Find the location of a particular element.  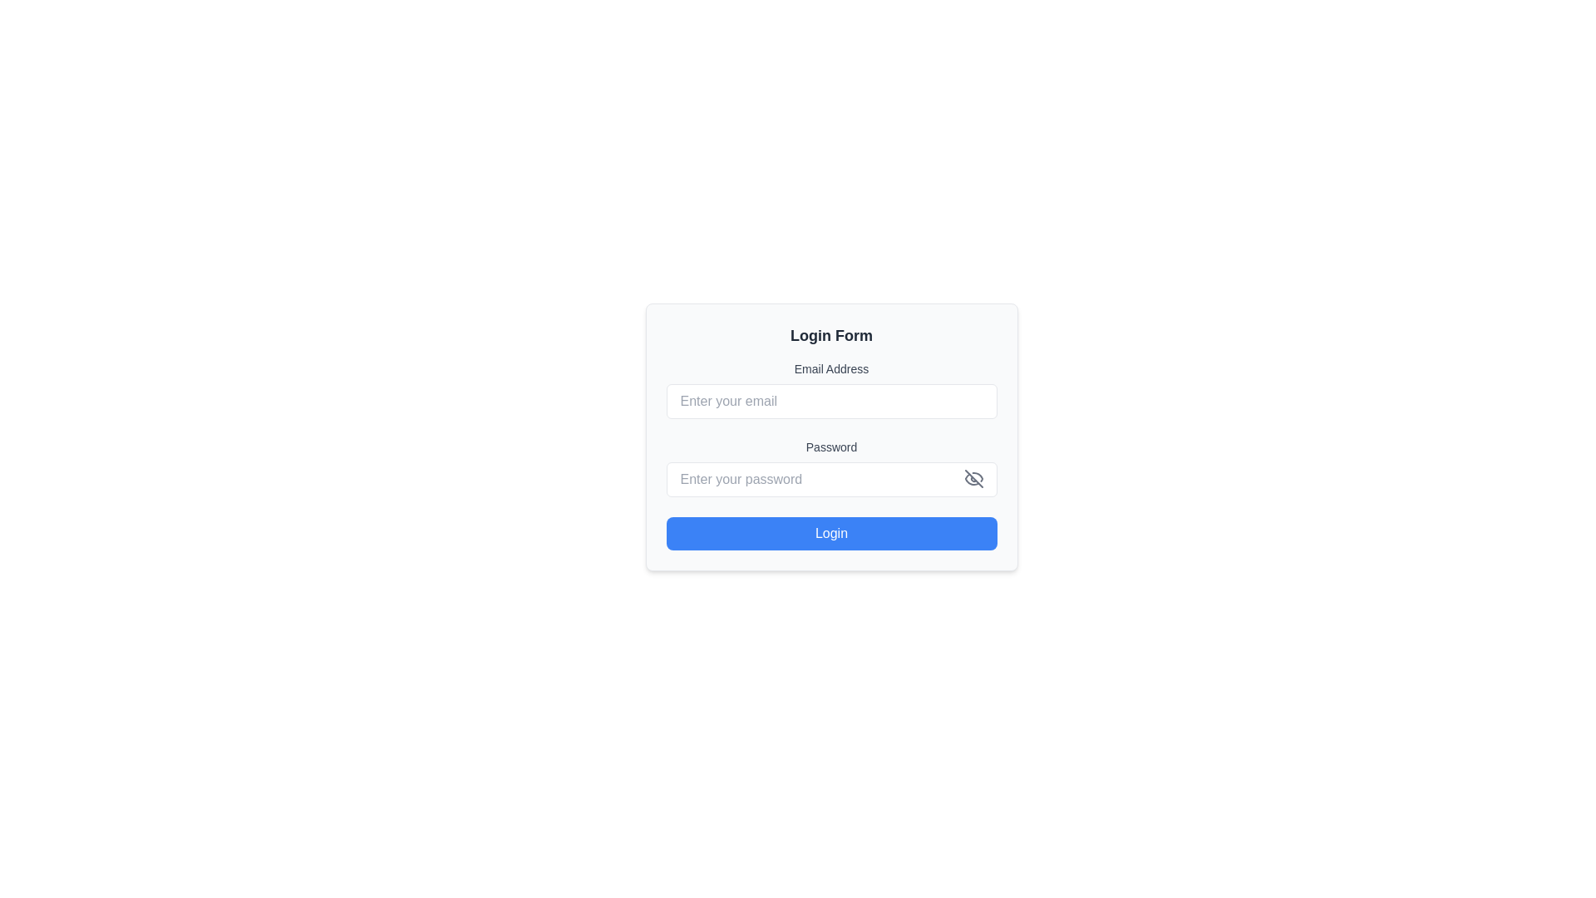

the 'Login' button, which has a blue background and white text, located at the bottom of the login form is located at coordinates (831, 533).